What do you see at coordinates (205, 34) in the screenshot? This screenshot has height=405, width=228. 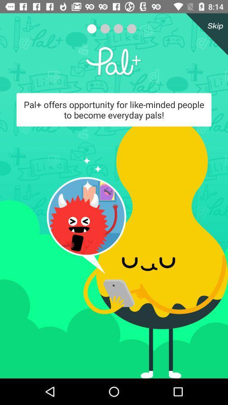 I see `the icon at the top right corner` at bounding box center [205, 34].